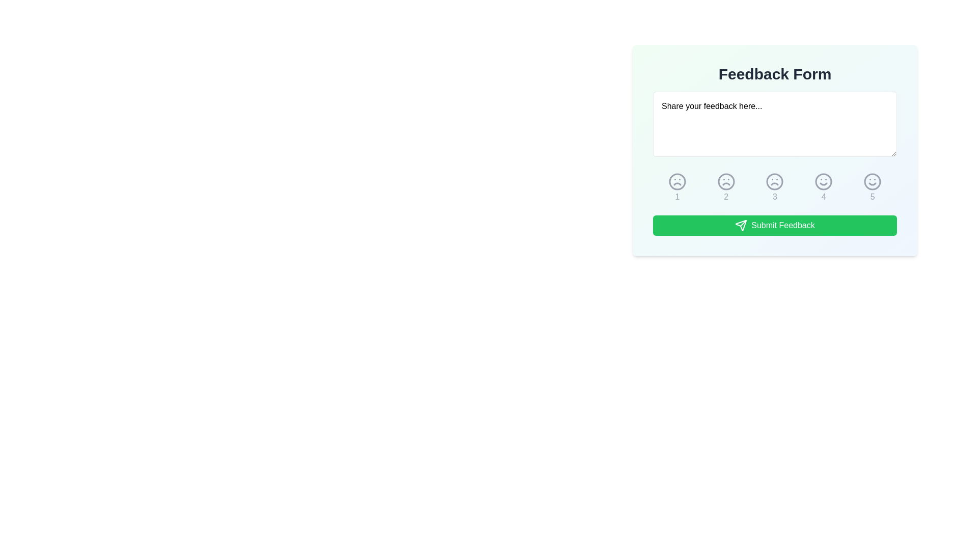 This screenshot has height=550, width=978. Describe the element at coordinates (774, 188) in the screenshot. I see `the Rating Option Icon` at that location.